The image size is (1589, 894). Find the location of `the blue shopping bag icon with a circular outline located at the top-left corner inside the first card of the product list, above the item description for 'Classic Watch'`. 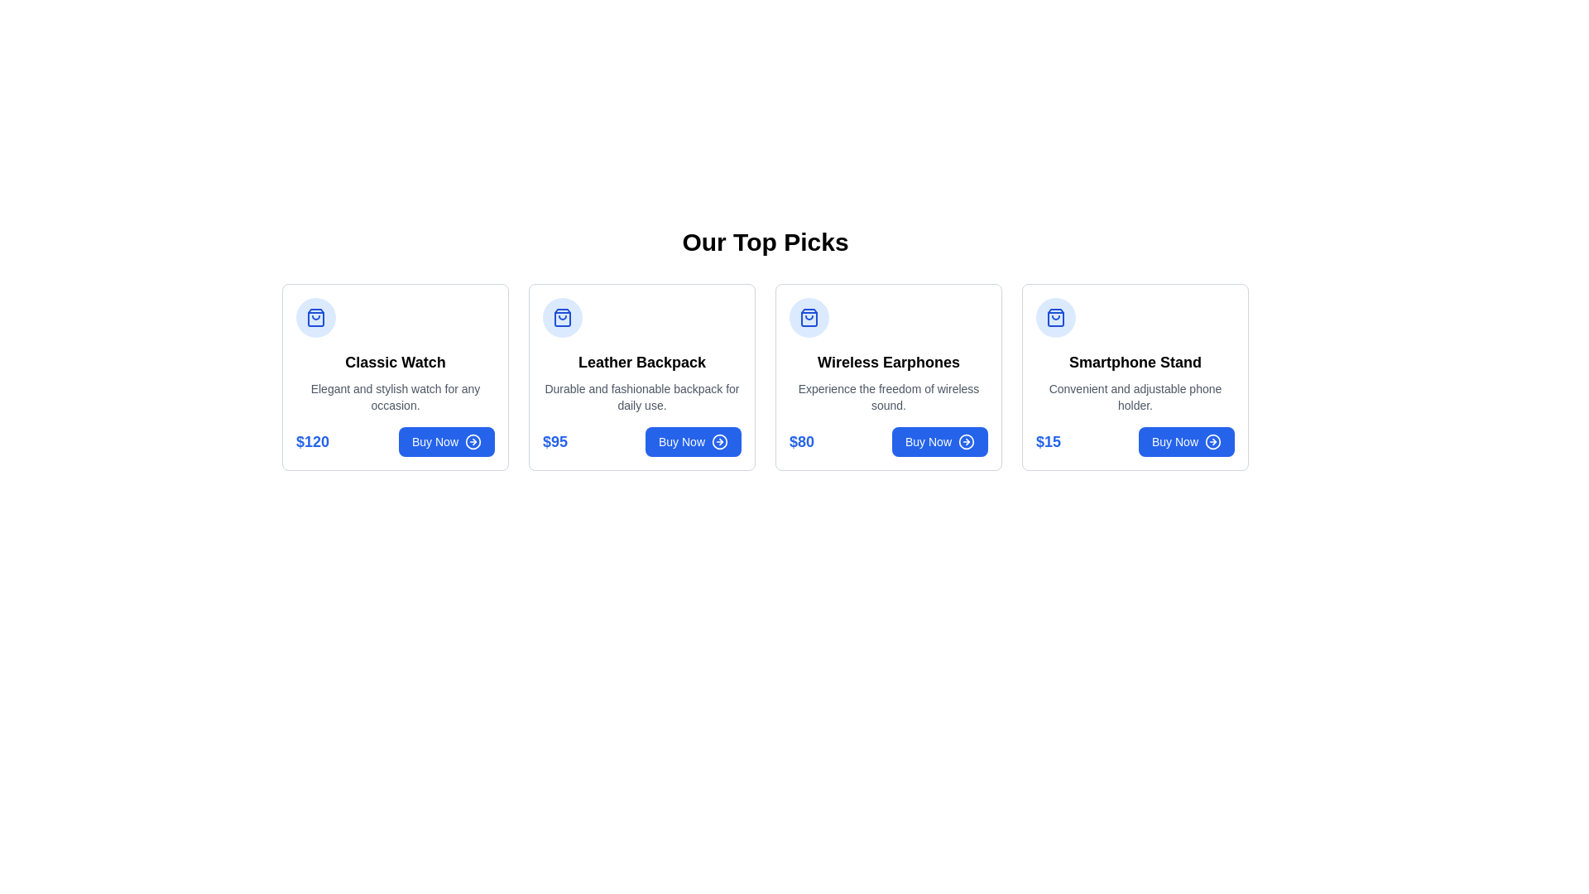

the blue shopping bag icon with a circular outline located at the top-left corner inside the first card of the product list, above the item description for 'Classic Watch' is located at coordinates (316, 318).